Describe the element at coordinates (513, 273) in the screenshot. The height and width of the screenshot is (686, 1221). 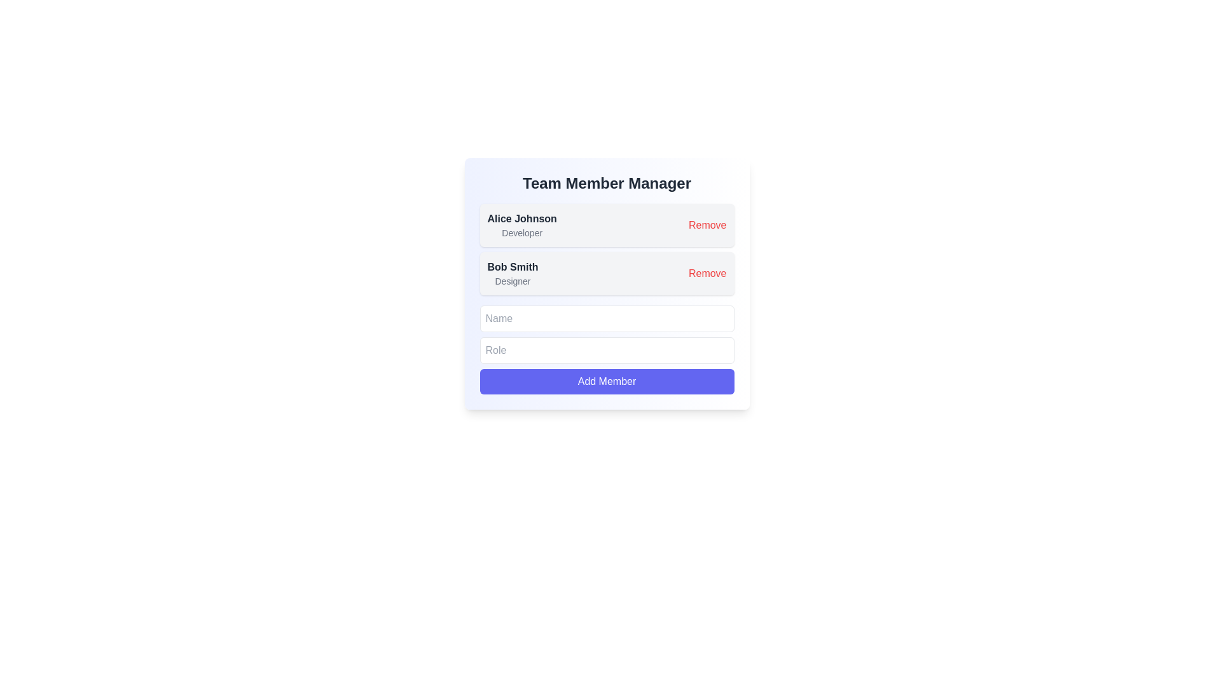
I see `displayed information of the second text block in the team management interface, which shows 'Bob Smith, Designer'` at that location.